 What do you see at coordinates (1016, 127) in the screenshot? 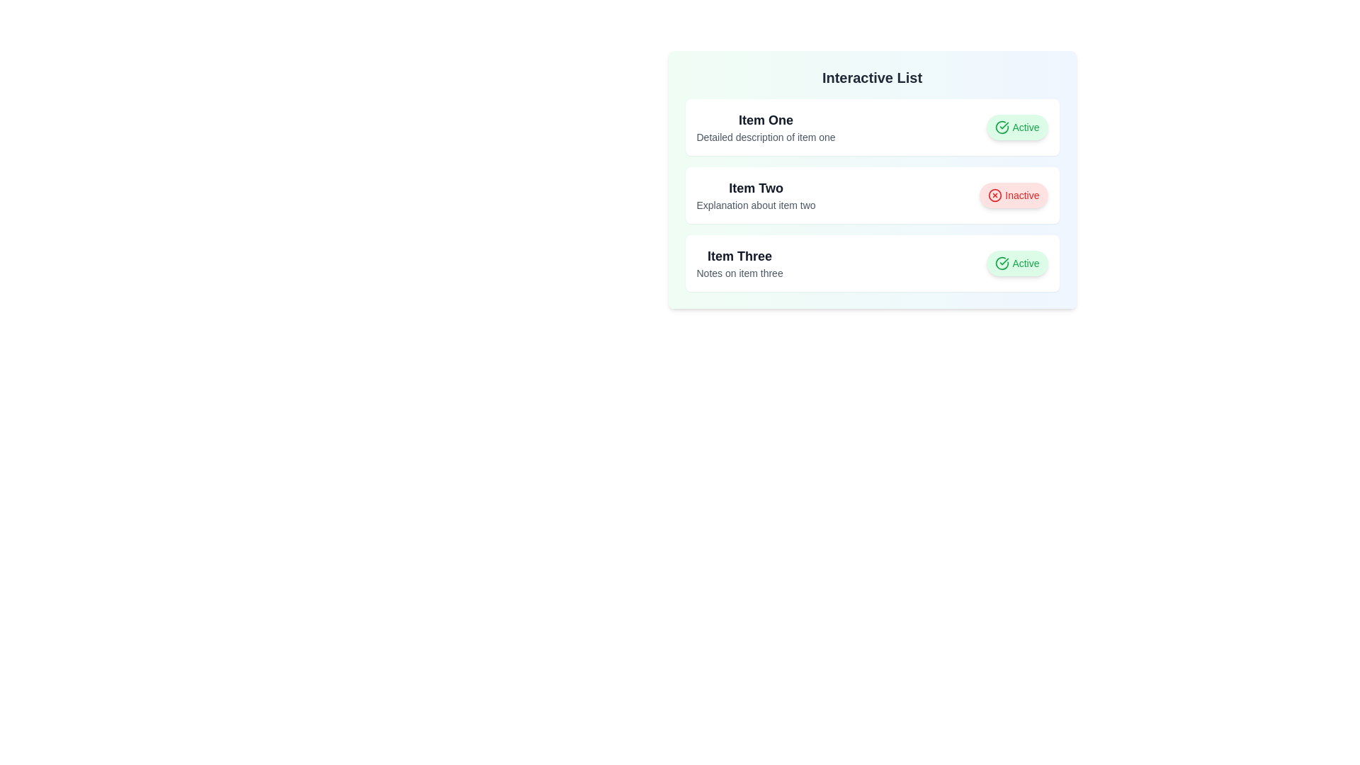
I see `the item by clicking the button associated with Item One` at bounding box center [1016, 127].